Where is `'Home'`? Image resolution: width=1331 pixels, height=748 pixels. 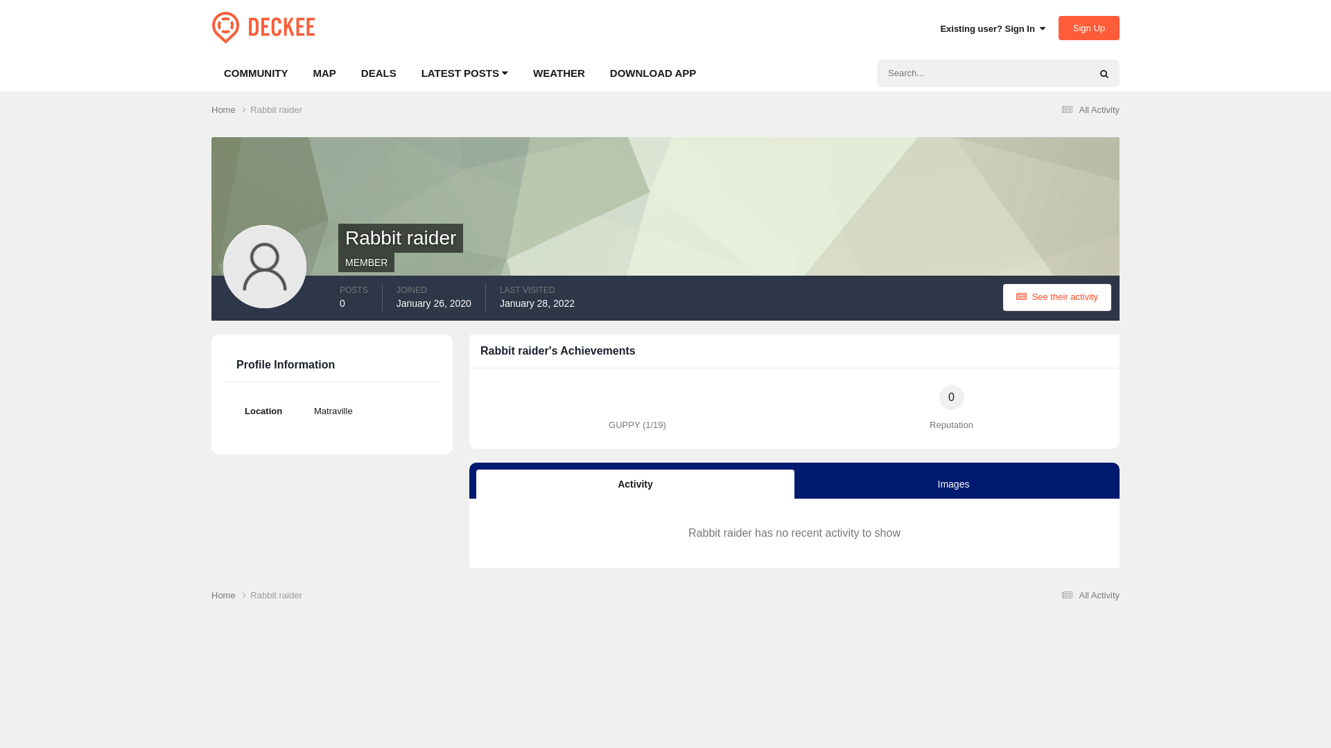 'Home' is located at coordinates (230, 109).